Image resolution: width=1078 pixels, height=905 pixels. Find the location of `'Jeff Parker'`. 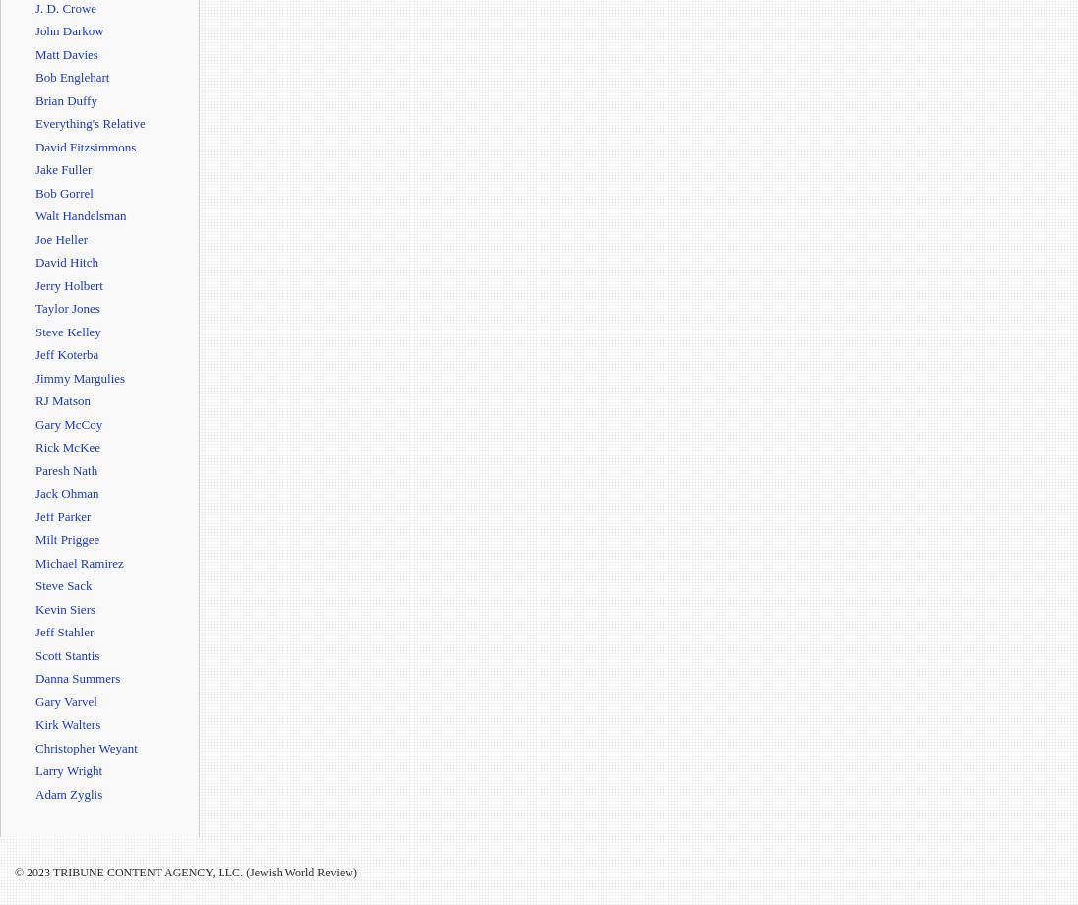

'Jeff Parker' is located at coordinates (61, 515).